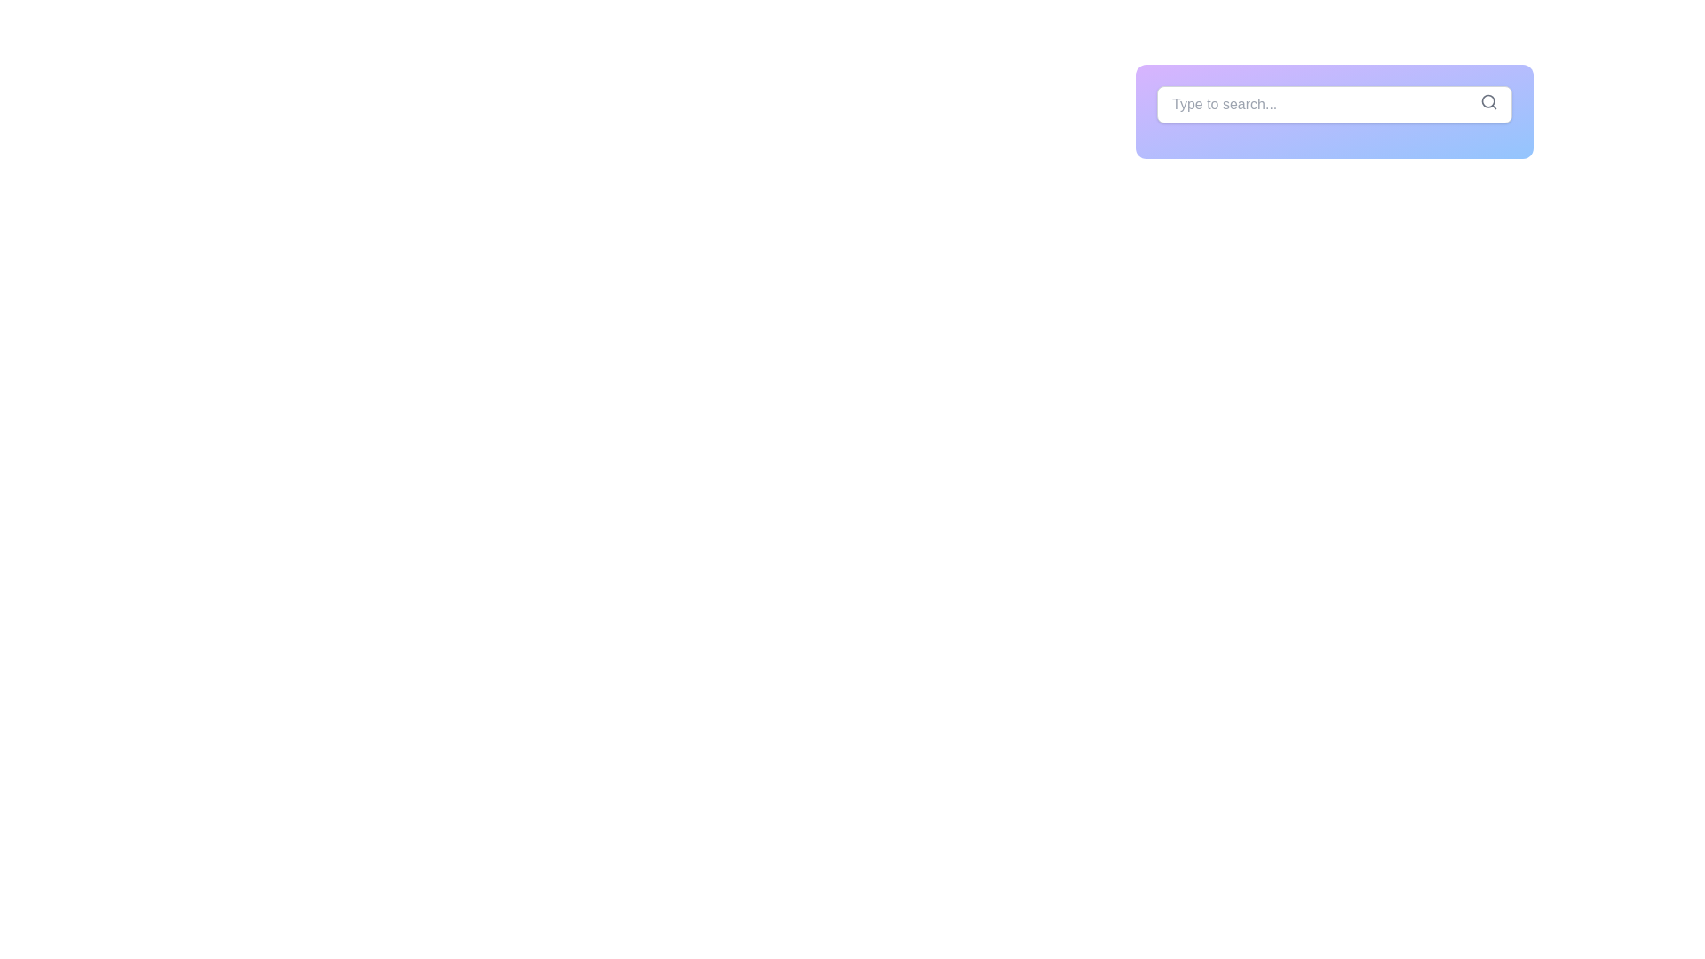 The height and width of the screenshot is (959, 1705). I want to click on the circular part of the magnifying glass icon located in the upper-right corner of the SVG graphic, so click(1488, 101).